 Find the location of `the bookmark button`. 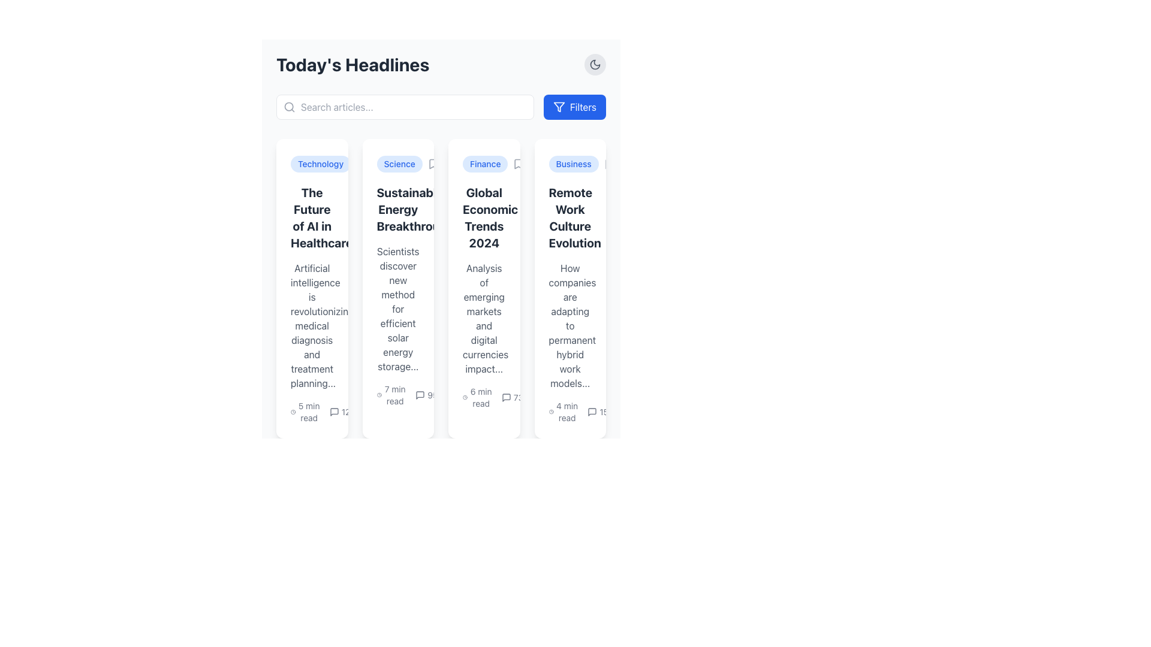

the bookmark button is located at coordinates (609, 164).